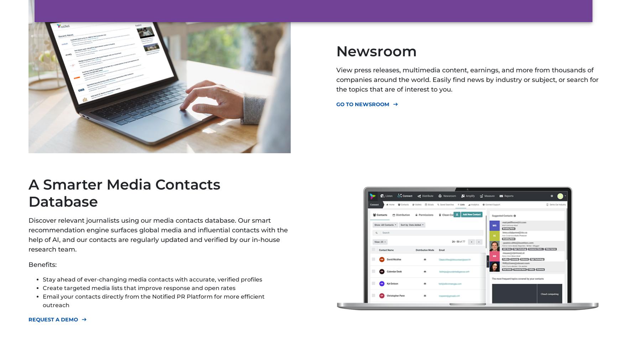 The image size is (627, 341). Describe the element at coordinates (153, 300) in the screenshot. I see `'Email your contacts directly from the Notified PR Platform for more efficient outreach'` at that location.